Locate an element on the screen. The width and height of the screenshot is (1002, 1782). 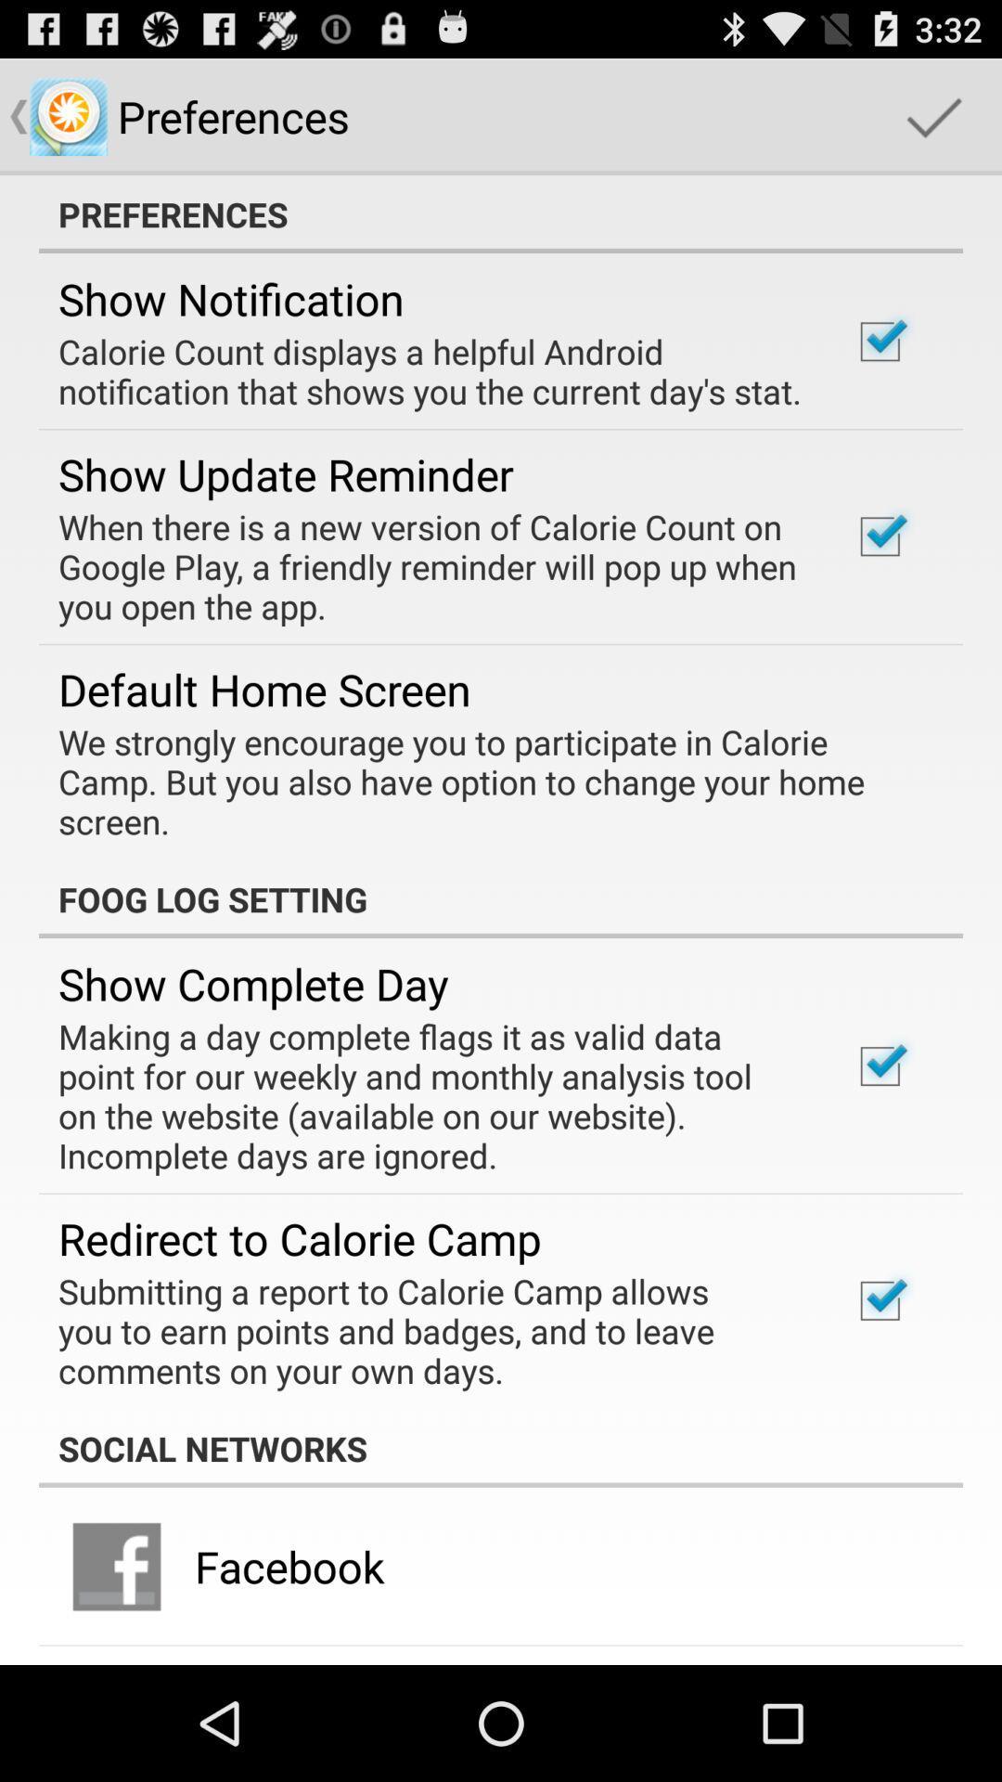
icon to the left of facebook app is located at coordinates (117, 1566).